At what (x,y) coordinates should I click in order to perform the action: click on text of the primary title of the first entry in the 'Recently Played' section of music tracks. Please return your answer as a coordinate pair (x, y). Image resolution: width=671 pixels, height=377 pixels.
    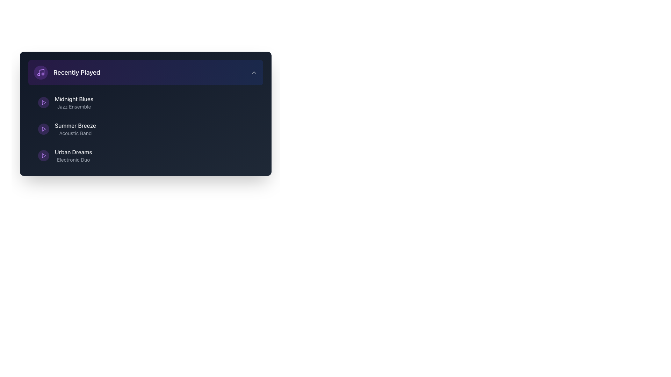
    Looking at the image, I should click on (74, 99).